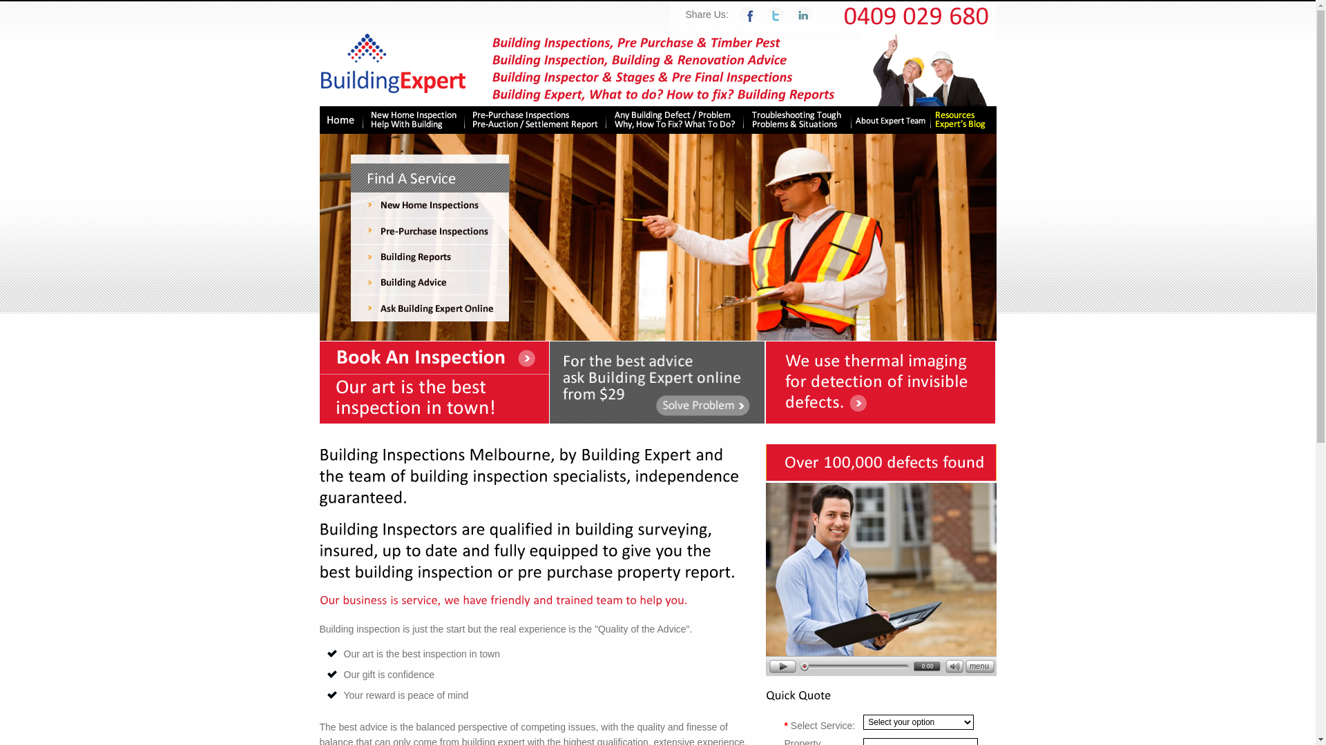  Describe the element at coordinates (787, 14) in the screenshot. I see `'Recommend this website : home on Linkedin'` at that location.